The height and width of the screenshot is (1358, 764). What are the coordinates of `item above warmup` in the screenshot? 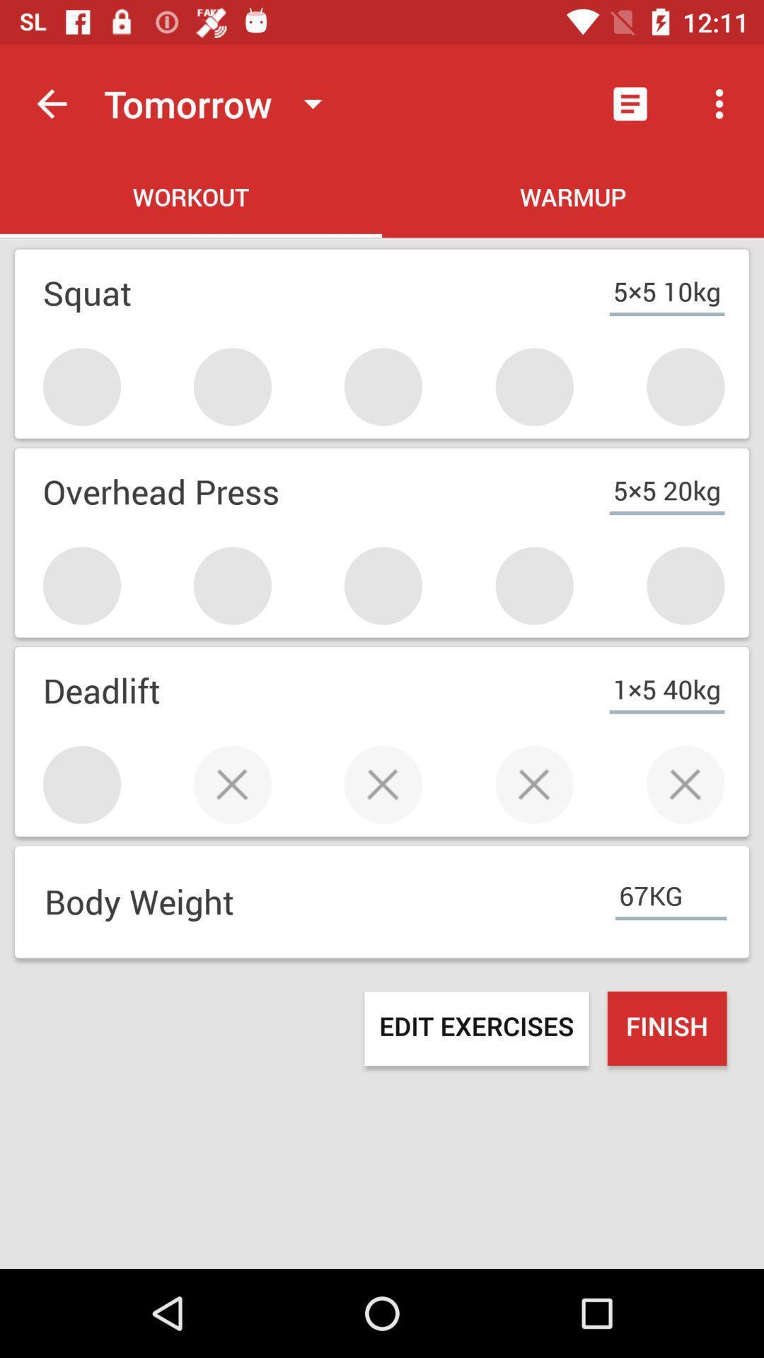 It's located at (630, 103).